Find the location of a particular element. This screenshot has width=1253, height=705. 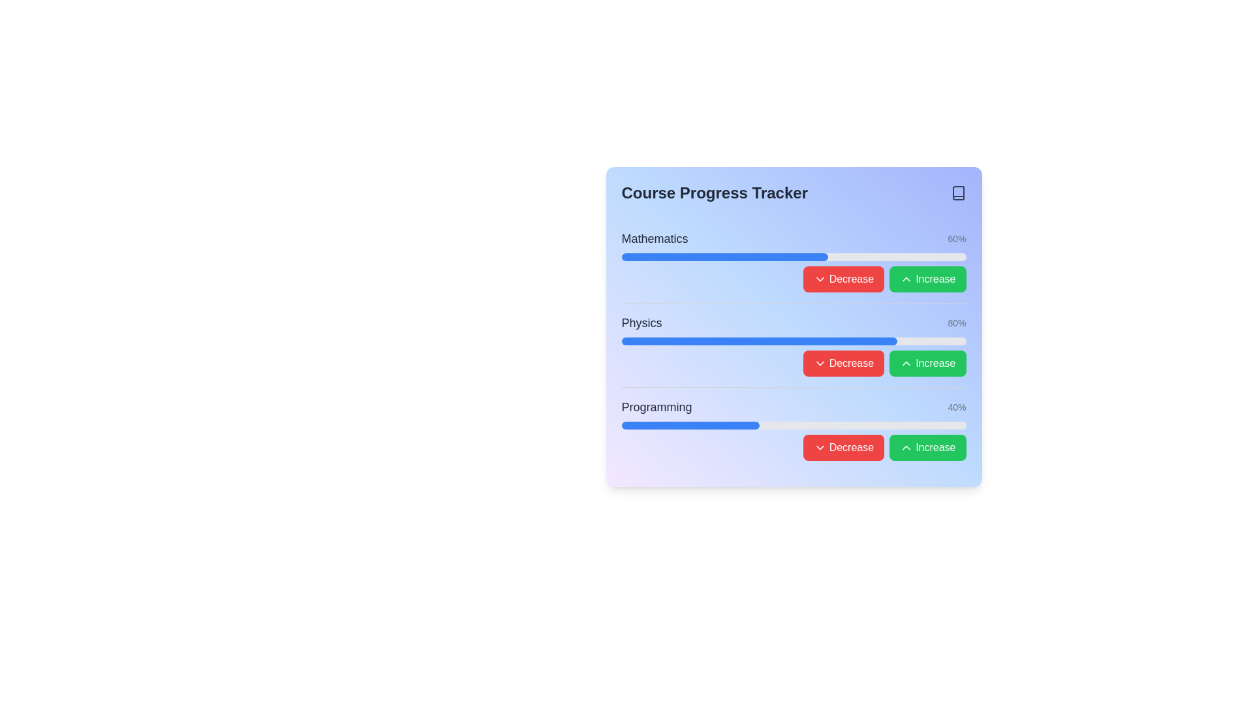

the Progress Bar Segment indicating progress for the 'Mathematics' category in the course tracker interface is located at coordinates (724, 257).